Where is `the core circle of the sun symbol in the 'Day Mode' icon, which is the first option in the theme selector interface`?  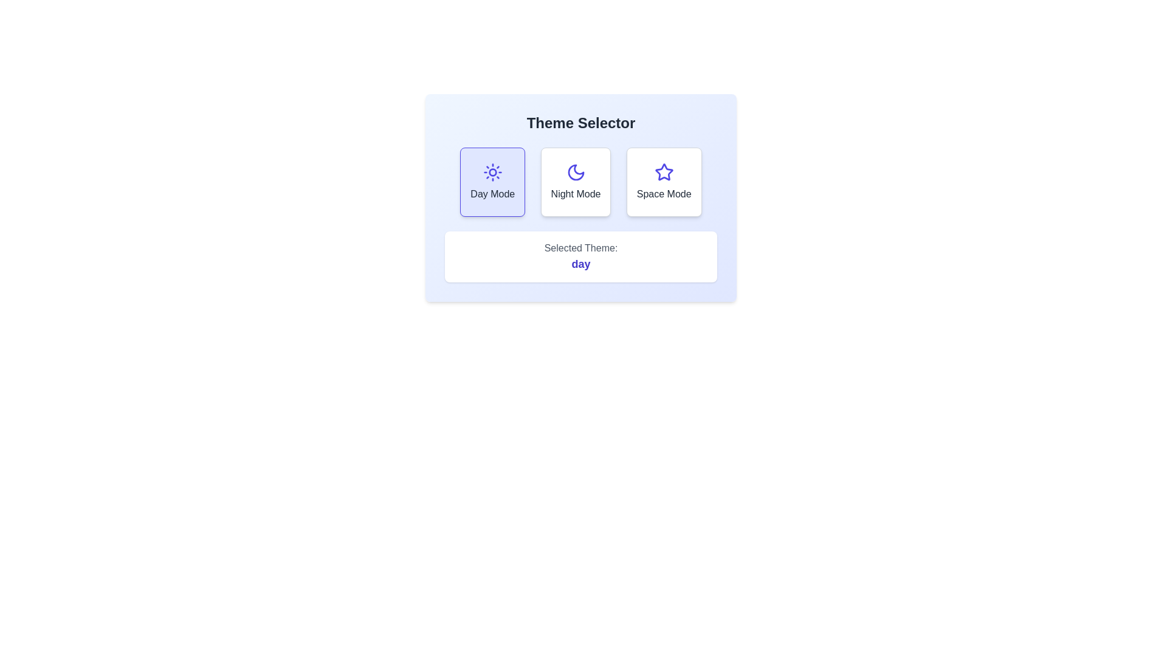 the core circle of the sun symbol in the 'Day Mode' icon, which is the first option in the theme selector interface is located at coordinates (492, 173).